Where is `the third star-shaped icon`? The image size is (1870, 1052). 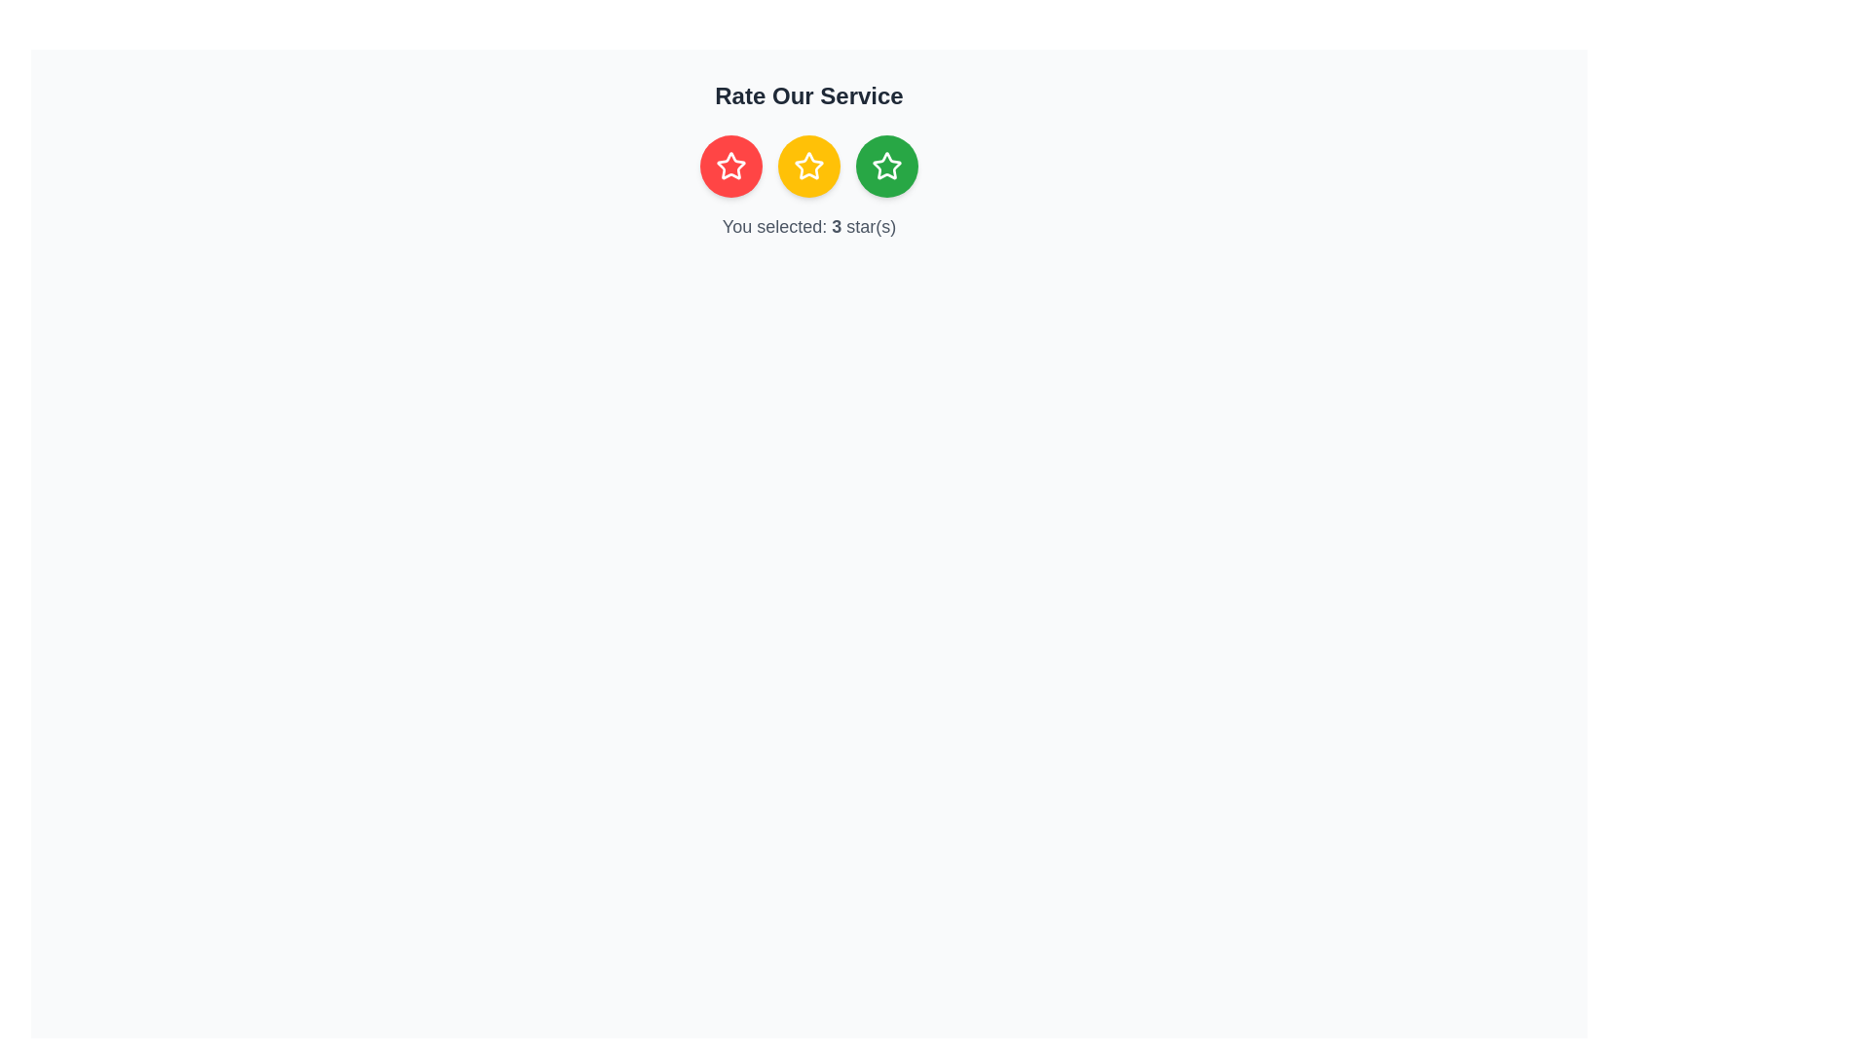
the third star-shaped icon is located at coordinates (886, 165).